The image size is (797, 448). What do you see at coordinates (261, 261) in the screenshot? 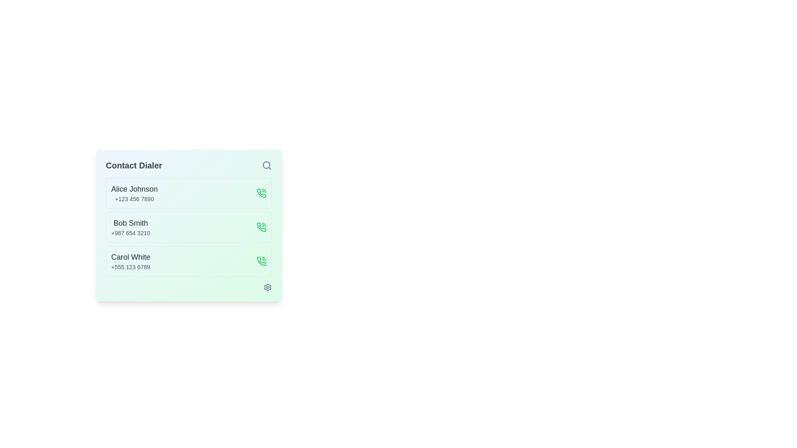
I see `the call icon for 'Carol White' to initiate a call` at bounding box center [261, 261].